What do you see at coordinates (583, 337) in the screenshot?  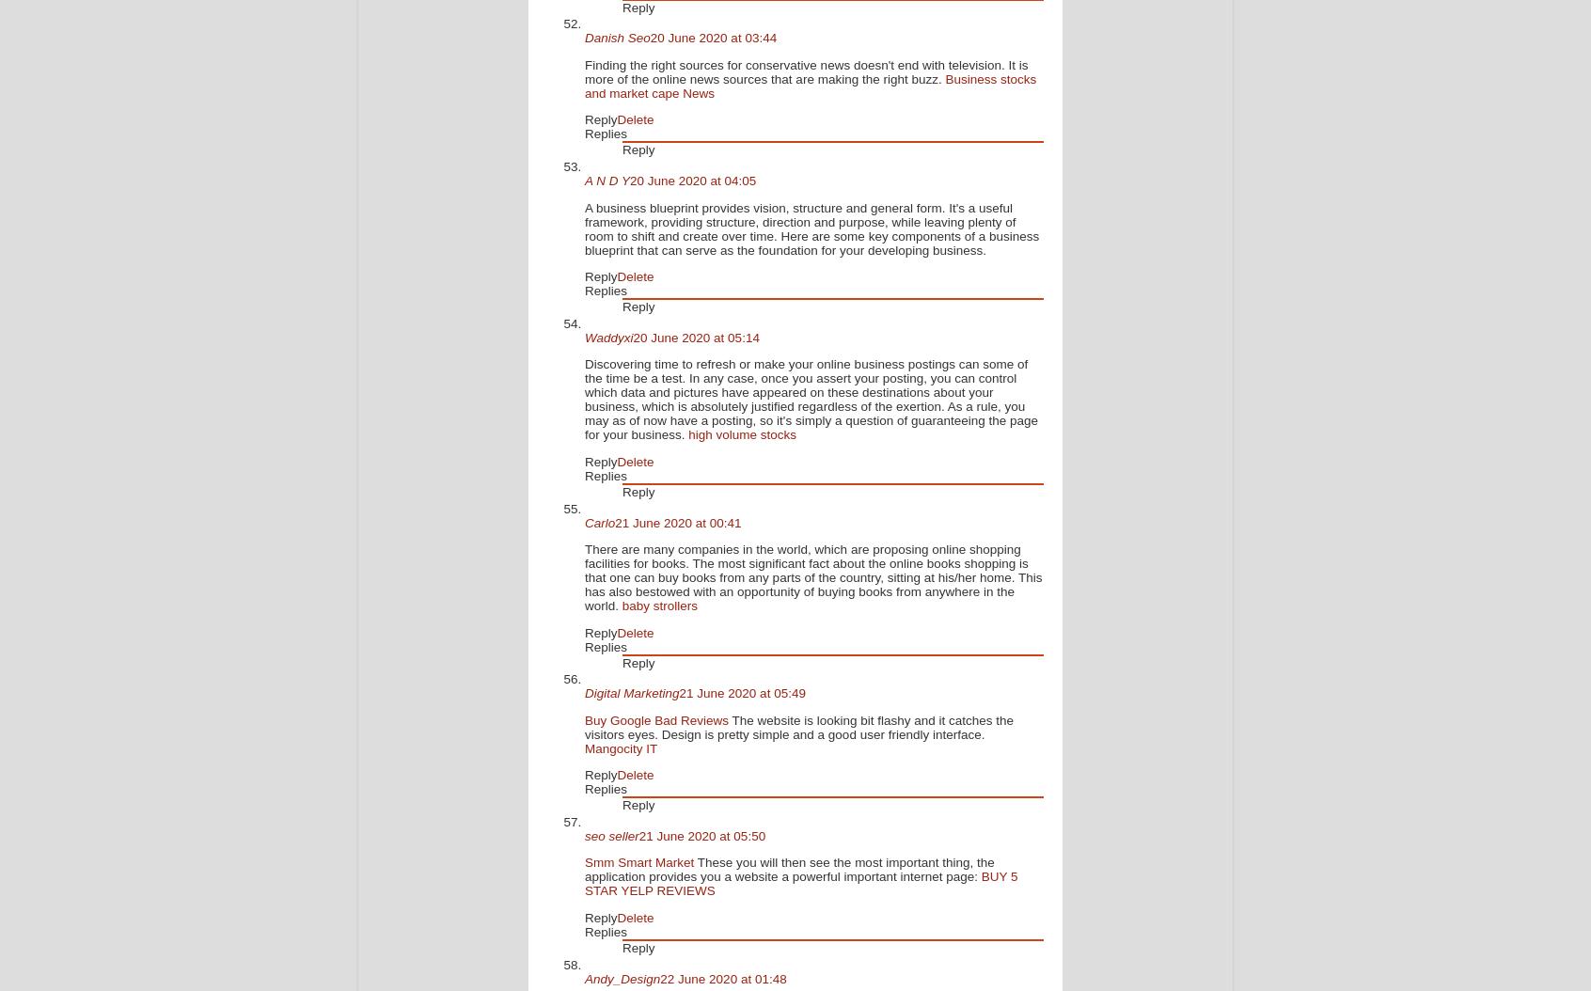 I see `'Waddyxi'` at bounding box center [583, 337].